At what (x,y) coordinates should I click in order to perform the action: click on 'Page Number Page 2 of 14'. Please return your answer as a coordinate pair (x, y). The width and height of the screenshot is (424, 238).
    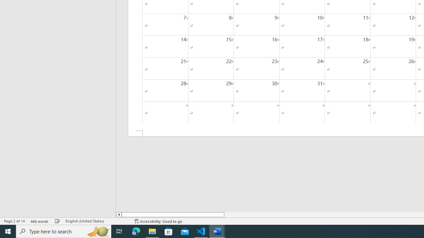
    Looking at the image, I should click on (14, 221).